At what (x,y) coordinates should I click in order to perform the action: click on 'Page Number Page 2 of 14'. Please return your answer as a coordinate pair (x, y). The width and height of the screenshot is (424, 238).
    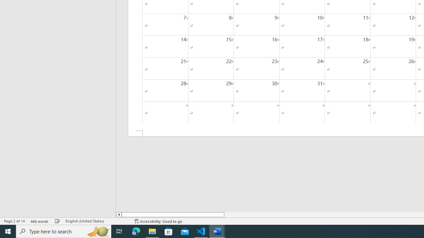
    Looking at the image, I should click on (14, 221).